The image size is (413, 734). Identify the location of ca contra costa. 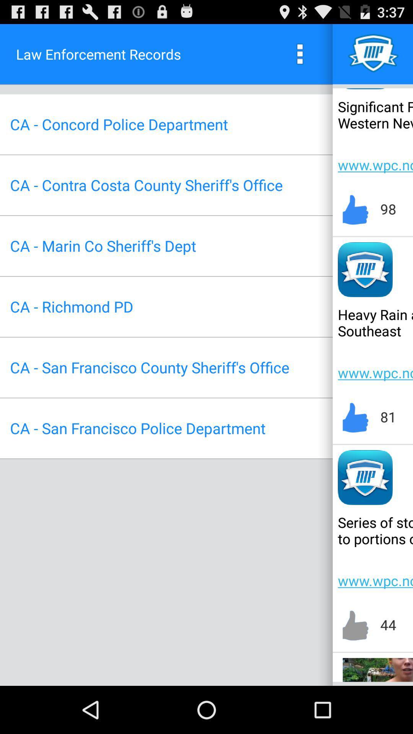
(146, 185).